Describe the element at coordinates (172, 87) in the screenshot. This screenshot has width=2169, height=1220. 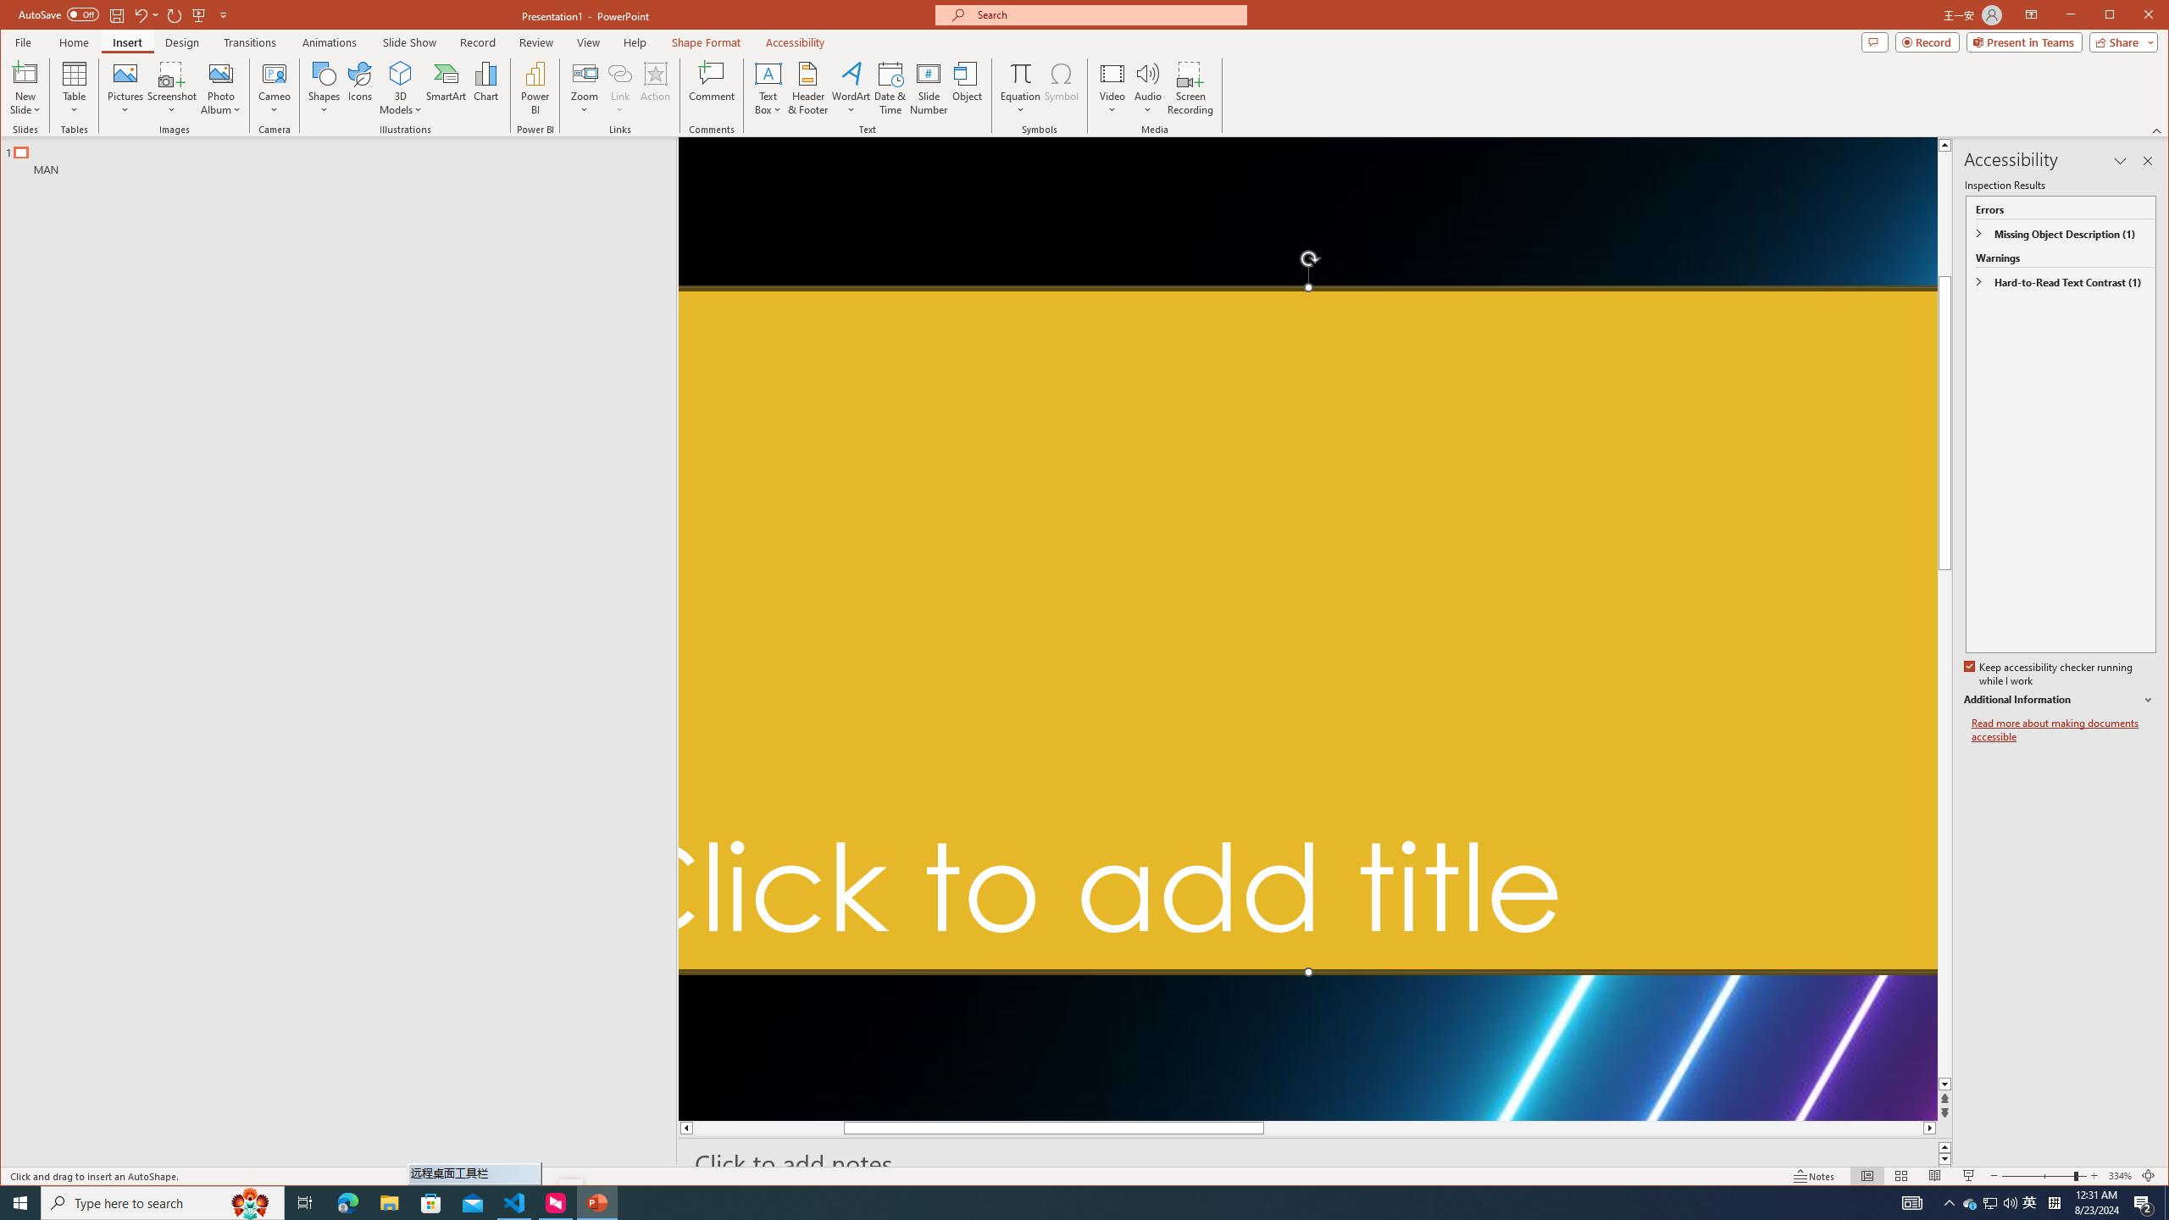
I see `'Screenshot'` at that location.